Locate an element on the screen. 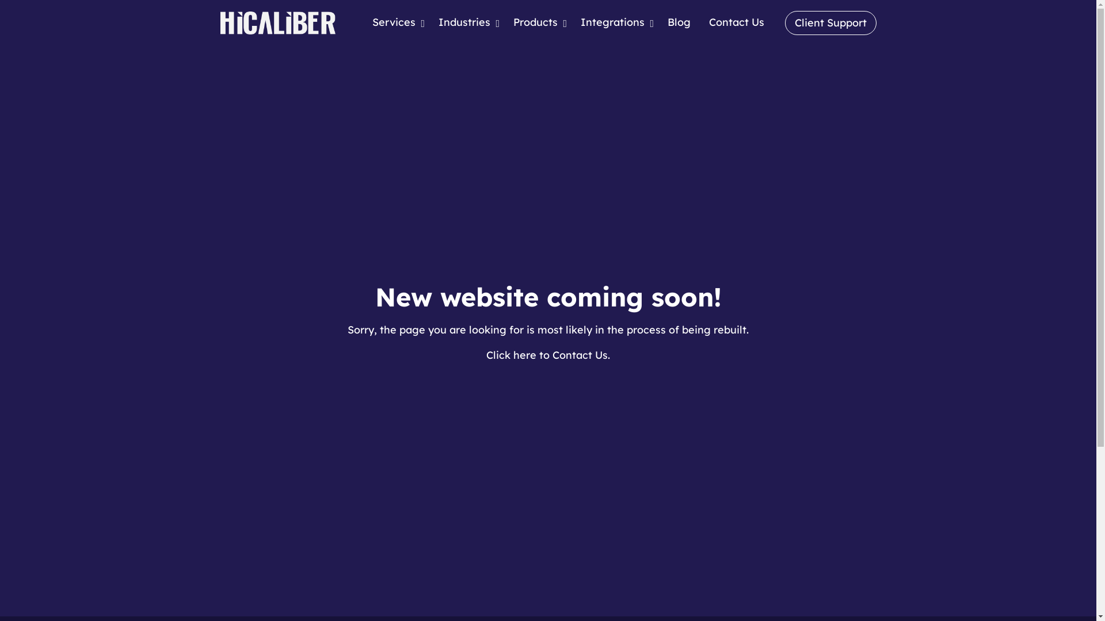 The image size is (1105, 621). 'Client Support' is located at coordinates (830, 22).